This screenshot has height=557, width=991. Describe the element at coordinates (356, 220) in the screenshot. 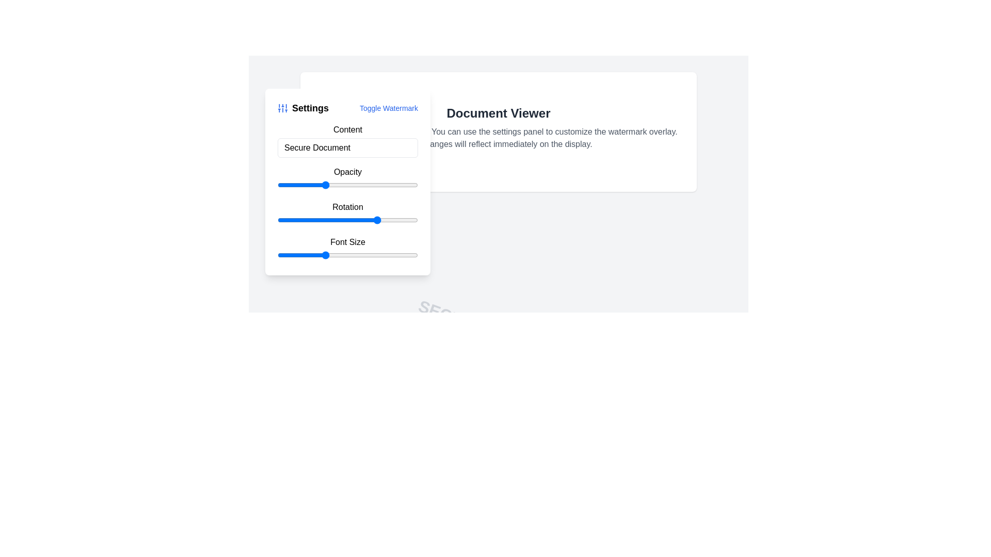

I see `the rotation value` at that location.